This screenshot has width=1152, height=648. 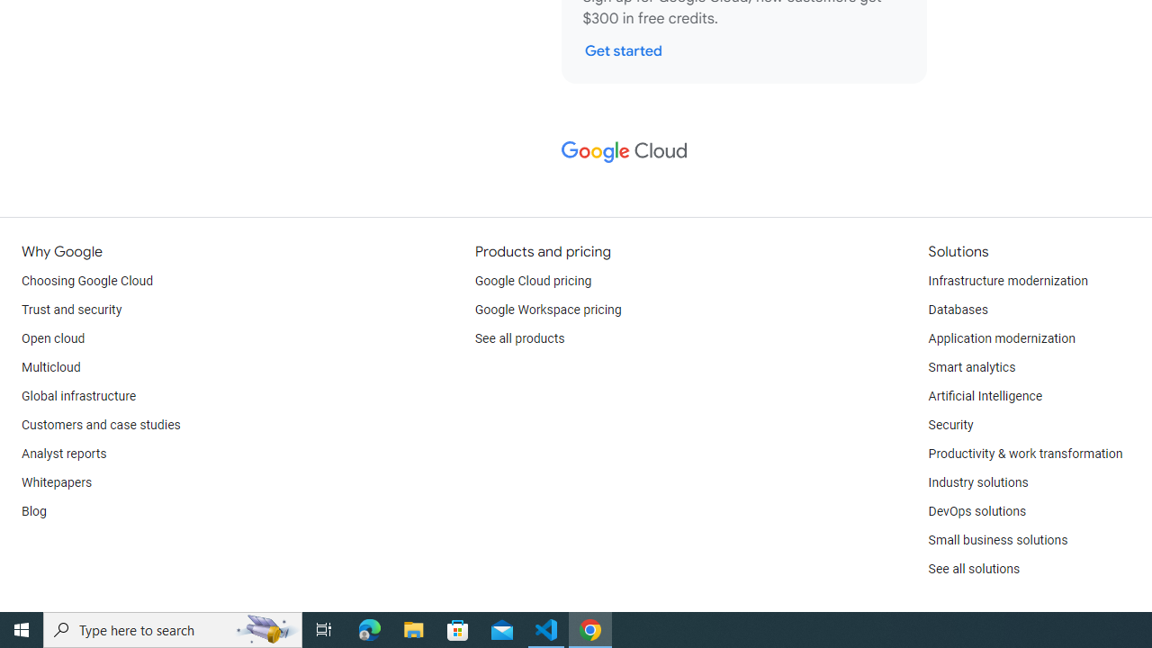 What do you see at coordinates (1008, 281) in the screenshot?
I see `'Infrastructure modernization'` at bounding box center [1008, 281].